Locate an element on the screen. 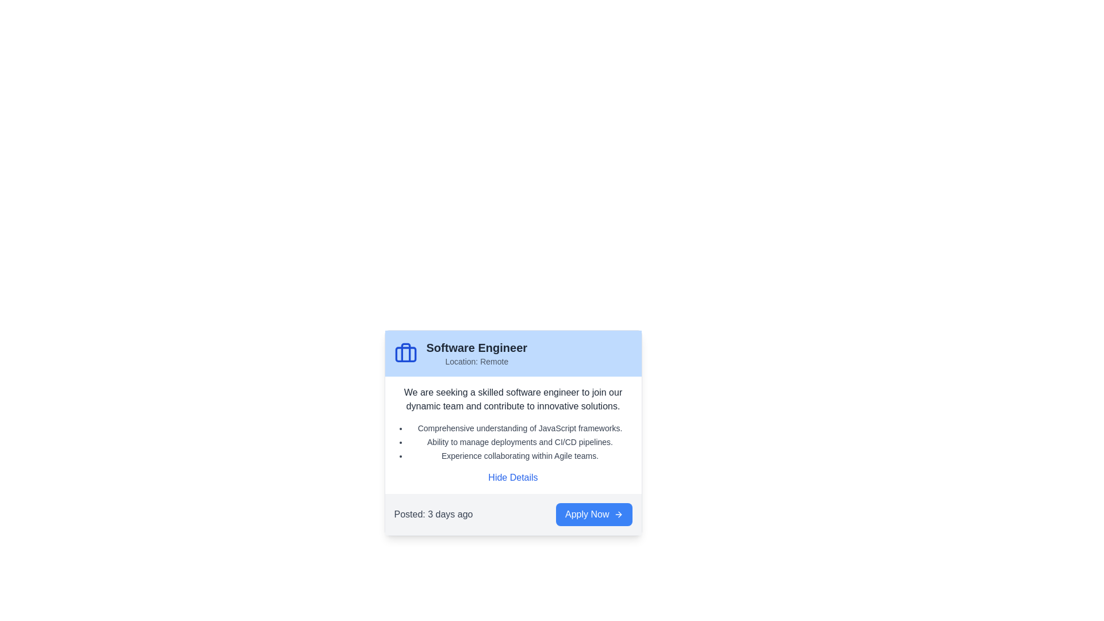 This screenshot has height=621, width=1104. text content of the third bullet point in the job description, which lists a required or desirable qualification for a software engineer position, located above the 'Hide Details' link is located at coordinates (519, 455).